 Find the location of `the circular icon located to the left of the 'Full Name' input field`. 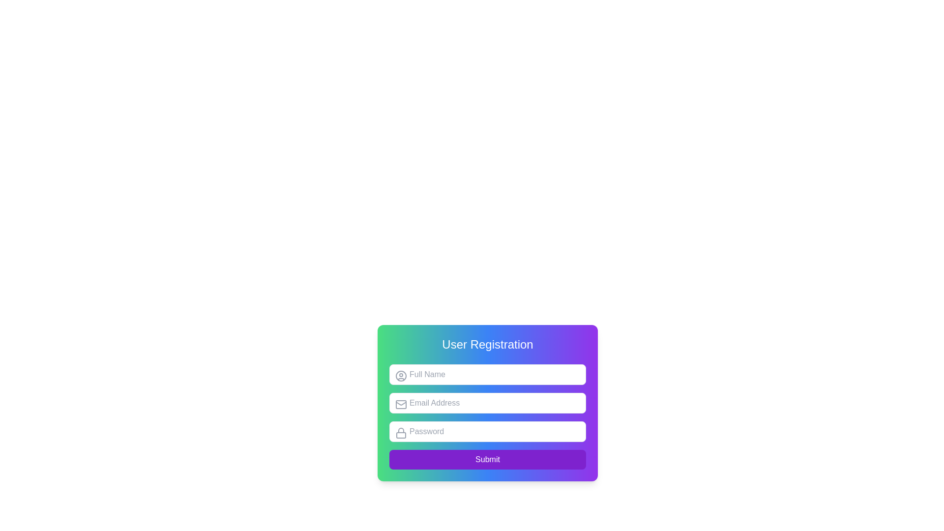

the circular icon located to the left of the 'Full Name' input field is located at coordinates (401, 376).